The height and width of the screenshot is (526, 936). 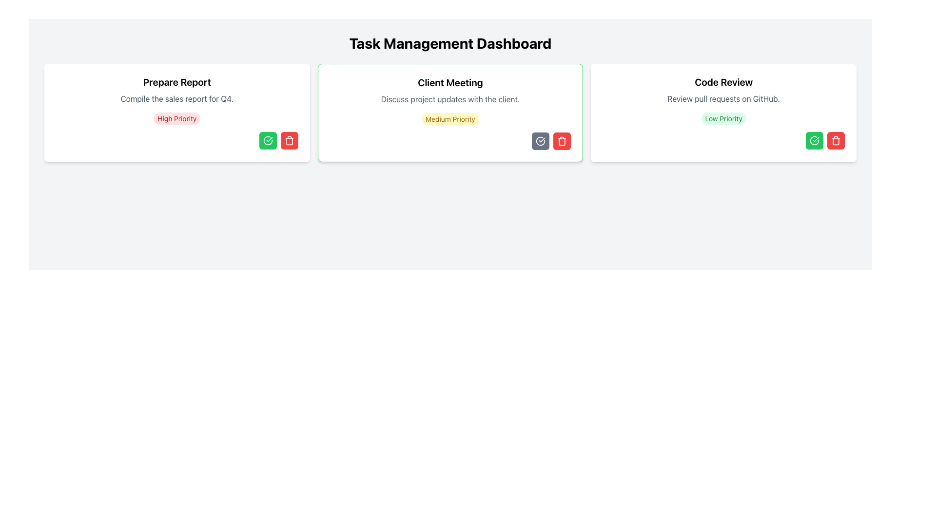 What do you see at coordinates (449, 118) in the screenshot?
I see `the priority level text label for the 'Client Meeting' task, which is located below the subtitle 'Discuss project updates with the client.' in the task management dashboard` at bounding box center [449, 118].